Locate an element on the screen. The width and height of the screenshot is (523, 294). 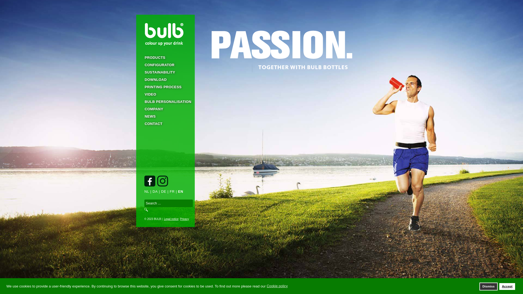
'Privacy' is located at coordinates (184, 219).